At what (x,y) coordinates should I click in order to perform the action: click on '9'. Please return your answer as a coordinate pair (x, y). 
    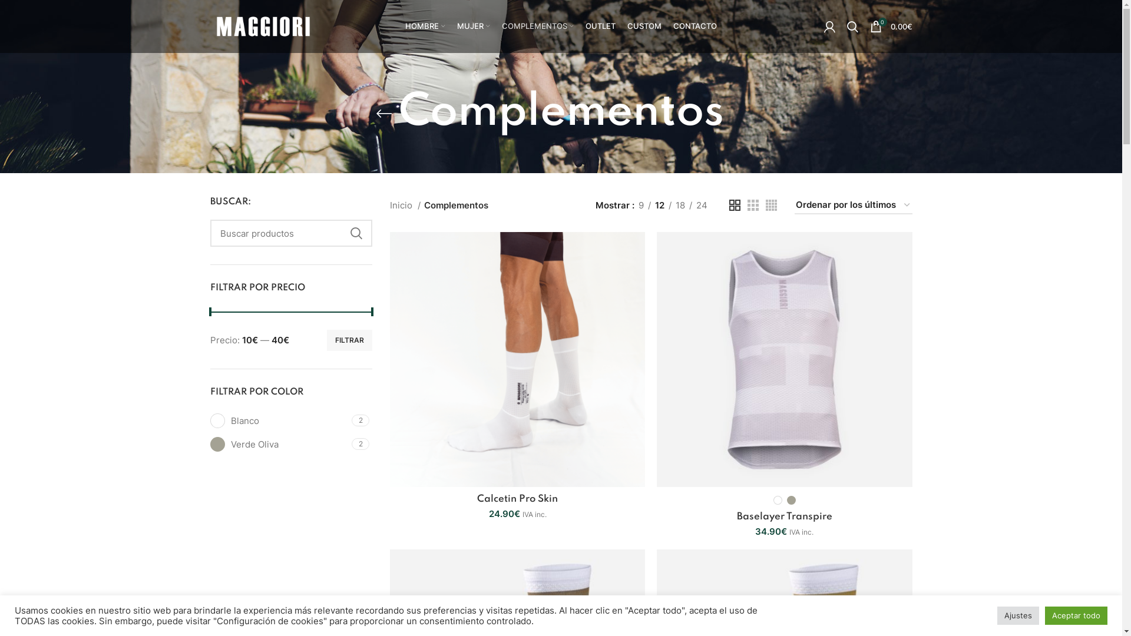
    Looking at the image, I should click on (640, 204).